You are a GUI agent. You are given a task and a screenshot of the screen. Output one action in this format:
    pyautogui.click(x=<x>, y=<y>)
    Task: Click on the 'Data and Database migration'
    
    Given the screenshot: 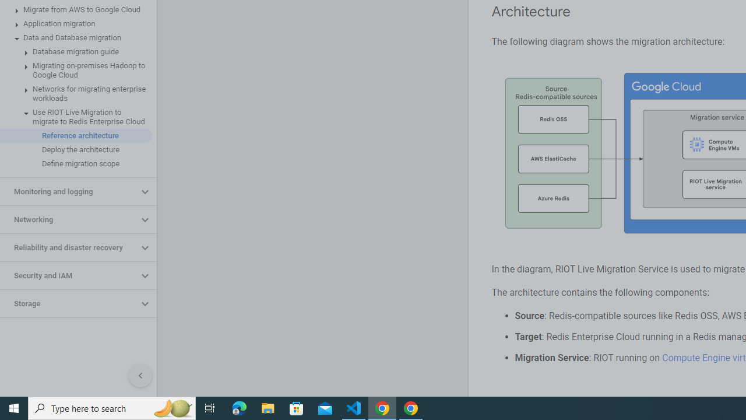 What is the action you would take?
    pyautogui.click(x=75, y=37)
    